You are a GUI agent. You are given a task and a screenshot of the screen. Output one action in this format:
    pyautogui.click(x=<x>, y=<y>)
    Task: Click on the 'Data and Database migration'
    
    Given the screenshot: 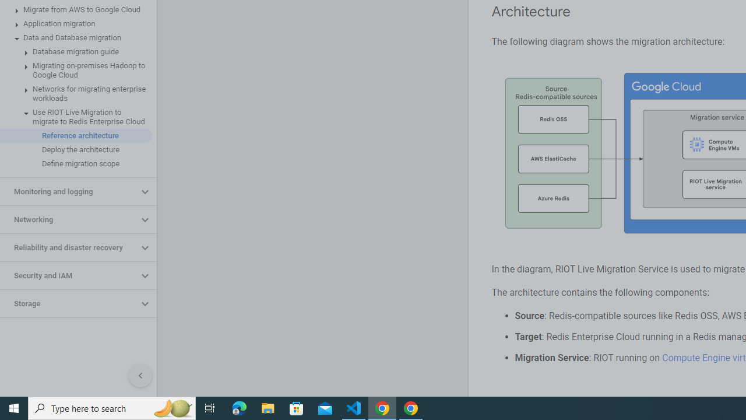 What is the action you would take?
    pyautogui.click(x=75, y=37)
    